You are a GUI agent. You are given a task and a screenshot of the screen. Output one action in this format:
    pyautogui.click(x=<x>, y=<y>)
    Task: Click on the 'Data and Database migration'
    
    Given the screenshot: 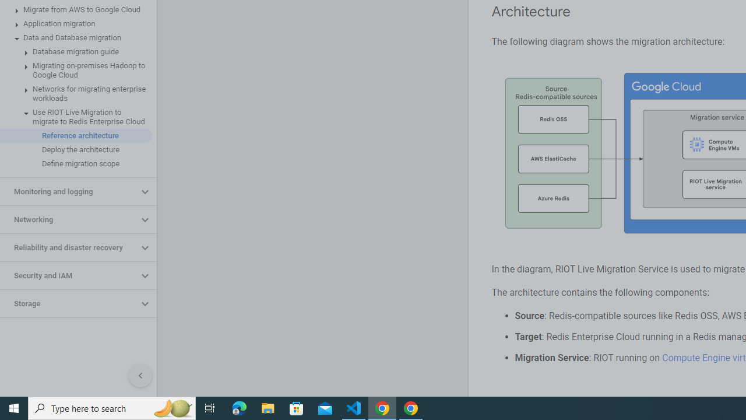 What is the action you would take?
    pyautogui.click(x=75, y=37)
    